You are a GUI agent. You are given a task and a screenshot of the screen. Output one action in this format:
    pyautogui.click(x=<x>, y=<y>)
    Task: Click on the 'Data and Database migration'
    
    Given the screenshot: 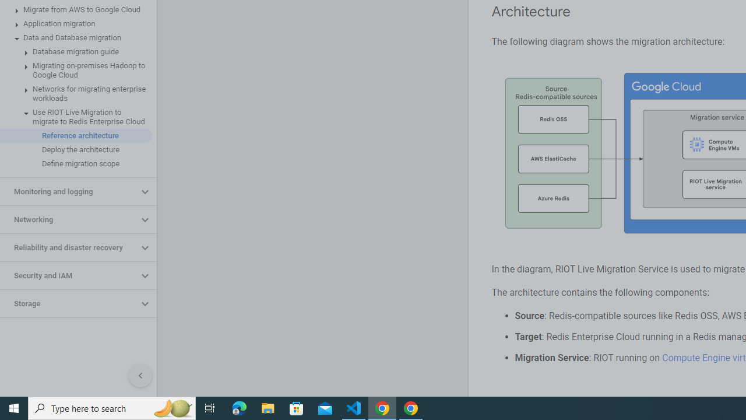 What is the action you would take?
    pyautogui.click(x=75, y=37)
    